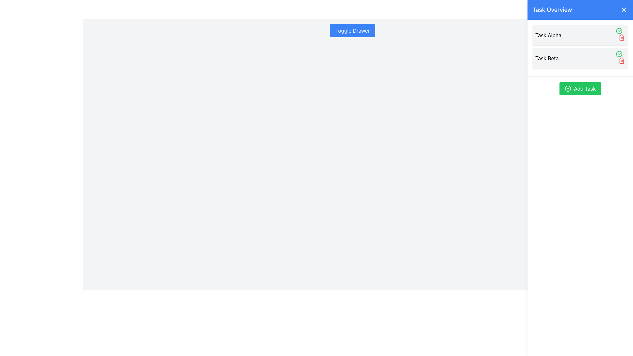 This screenshot has height=356, width=633. I want to click on the 'X' icon button located in the top-right corner of the 'Task Overview' panel, so click(623, 10).